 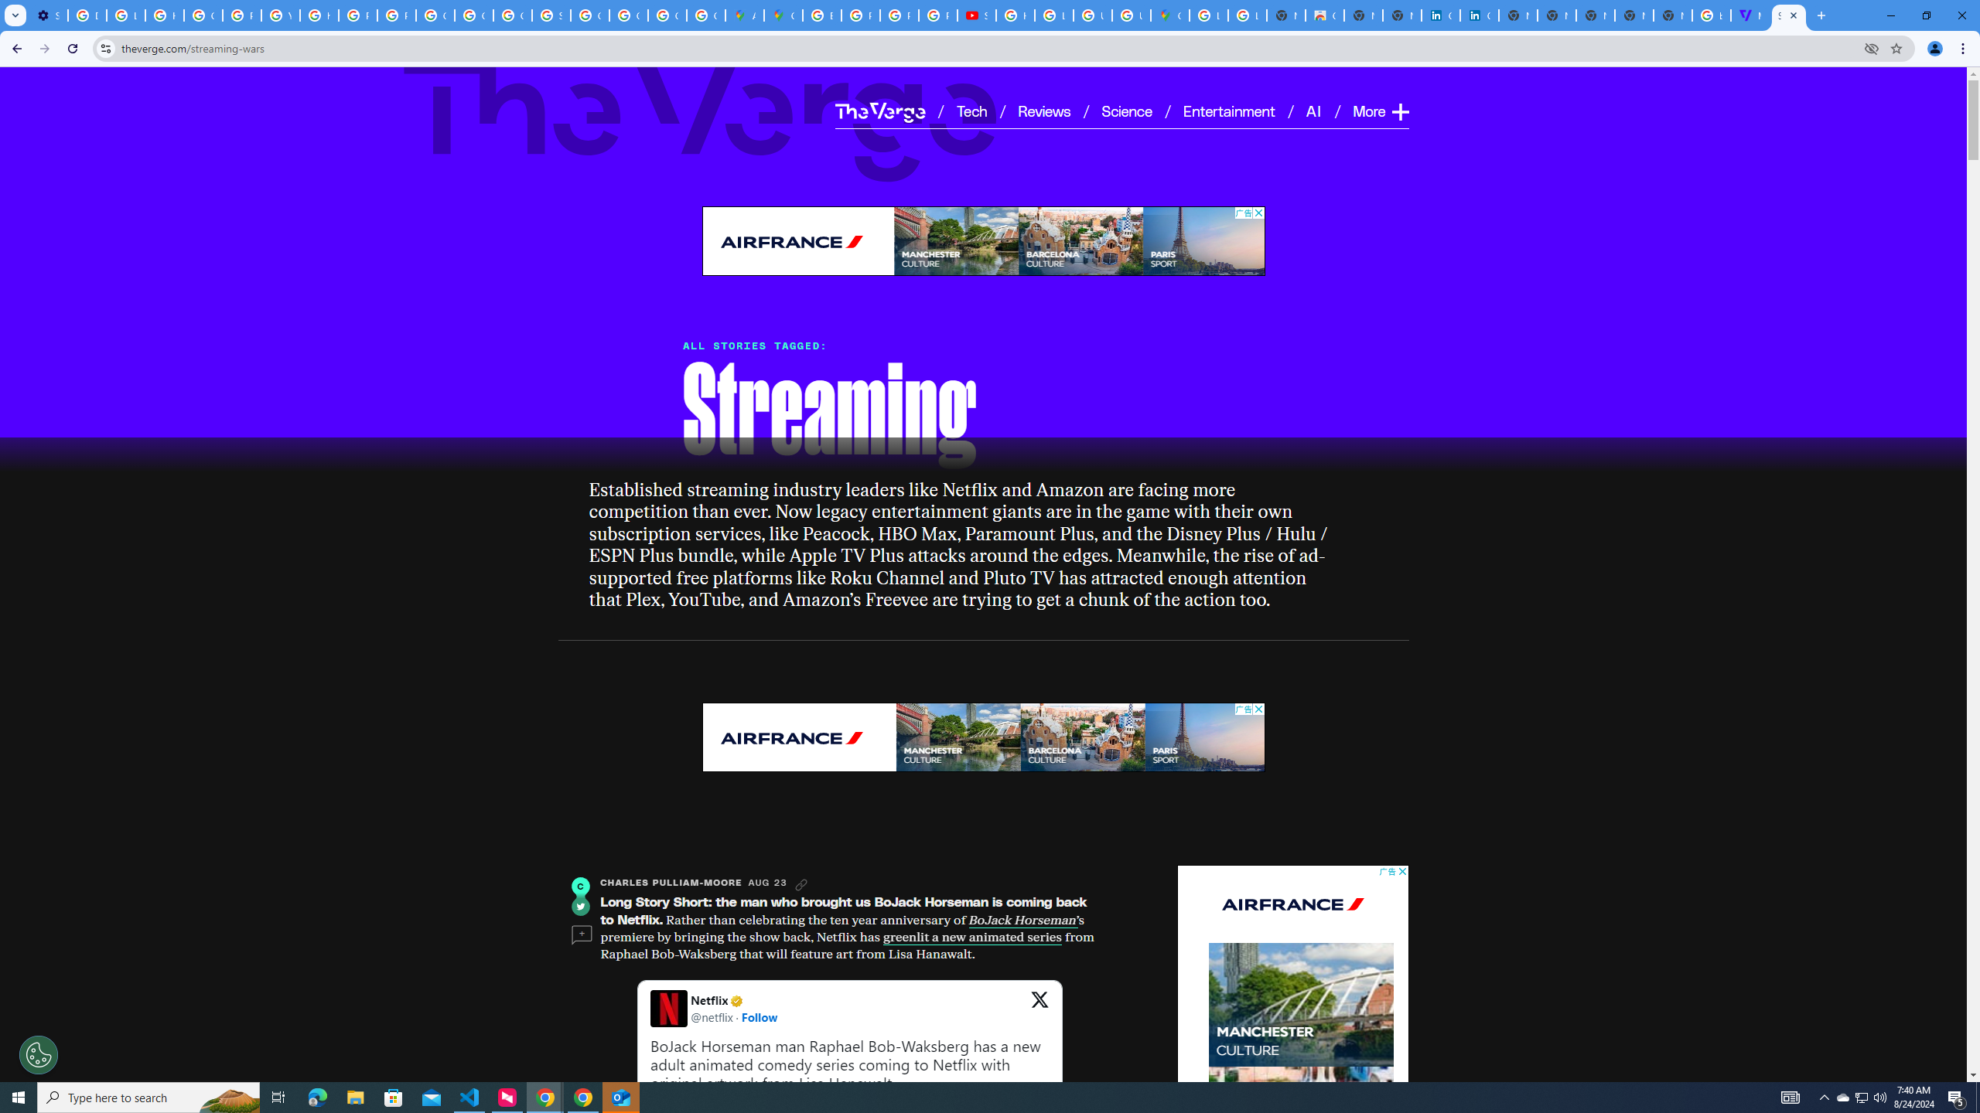 I want to click on 'Comments', so click(x=580, y=935).